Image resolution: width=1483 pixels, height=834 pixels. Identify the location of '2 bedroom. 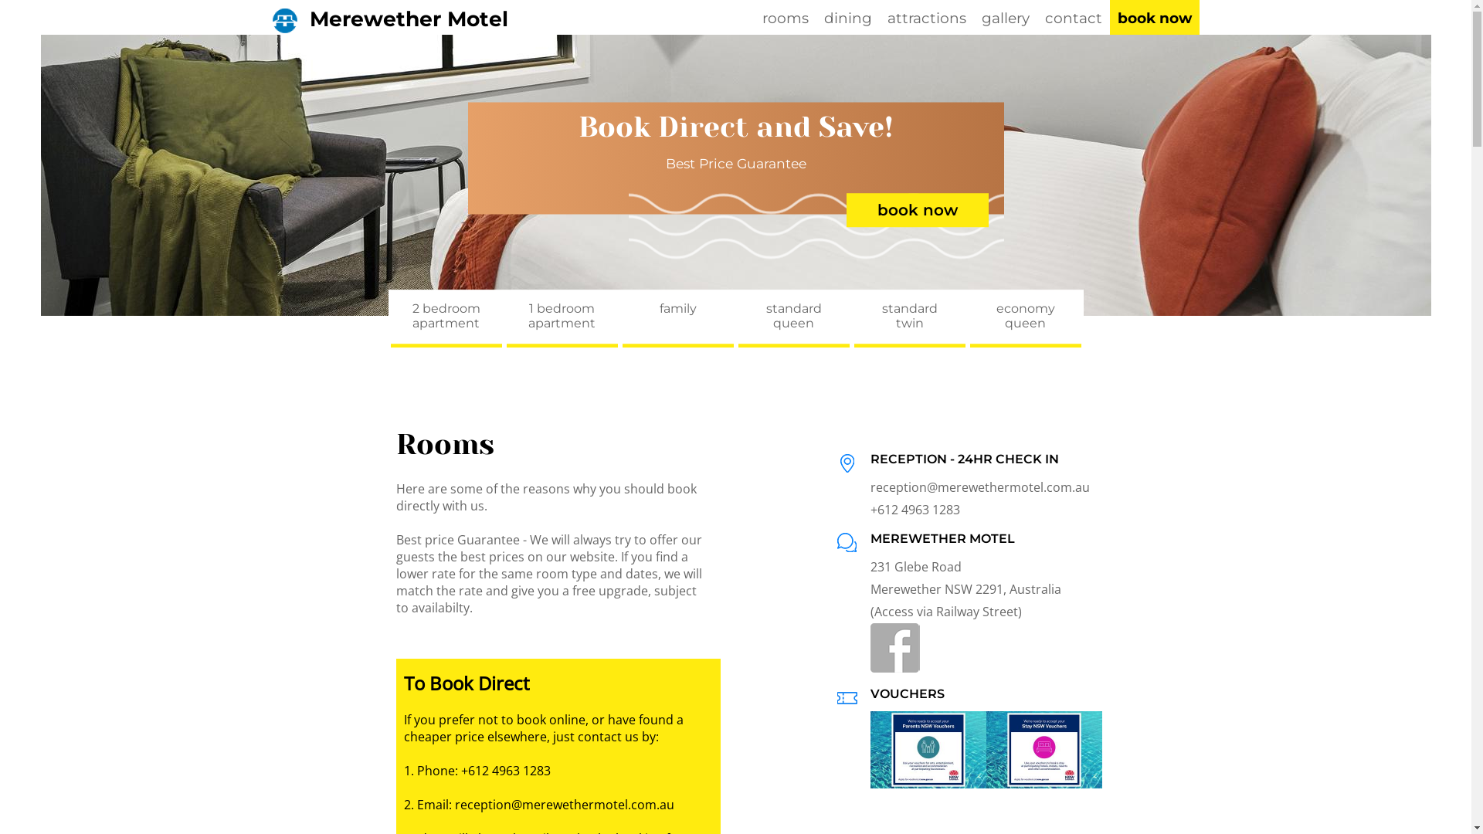
(388, 320).